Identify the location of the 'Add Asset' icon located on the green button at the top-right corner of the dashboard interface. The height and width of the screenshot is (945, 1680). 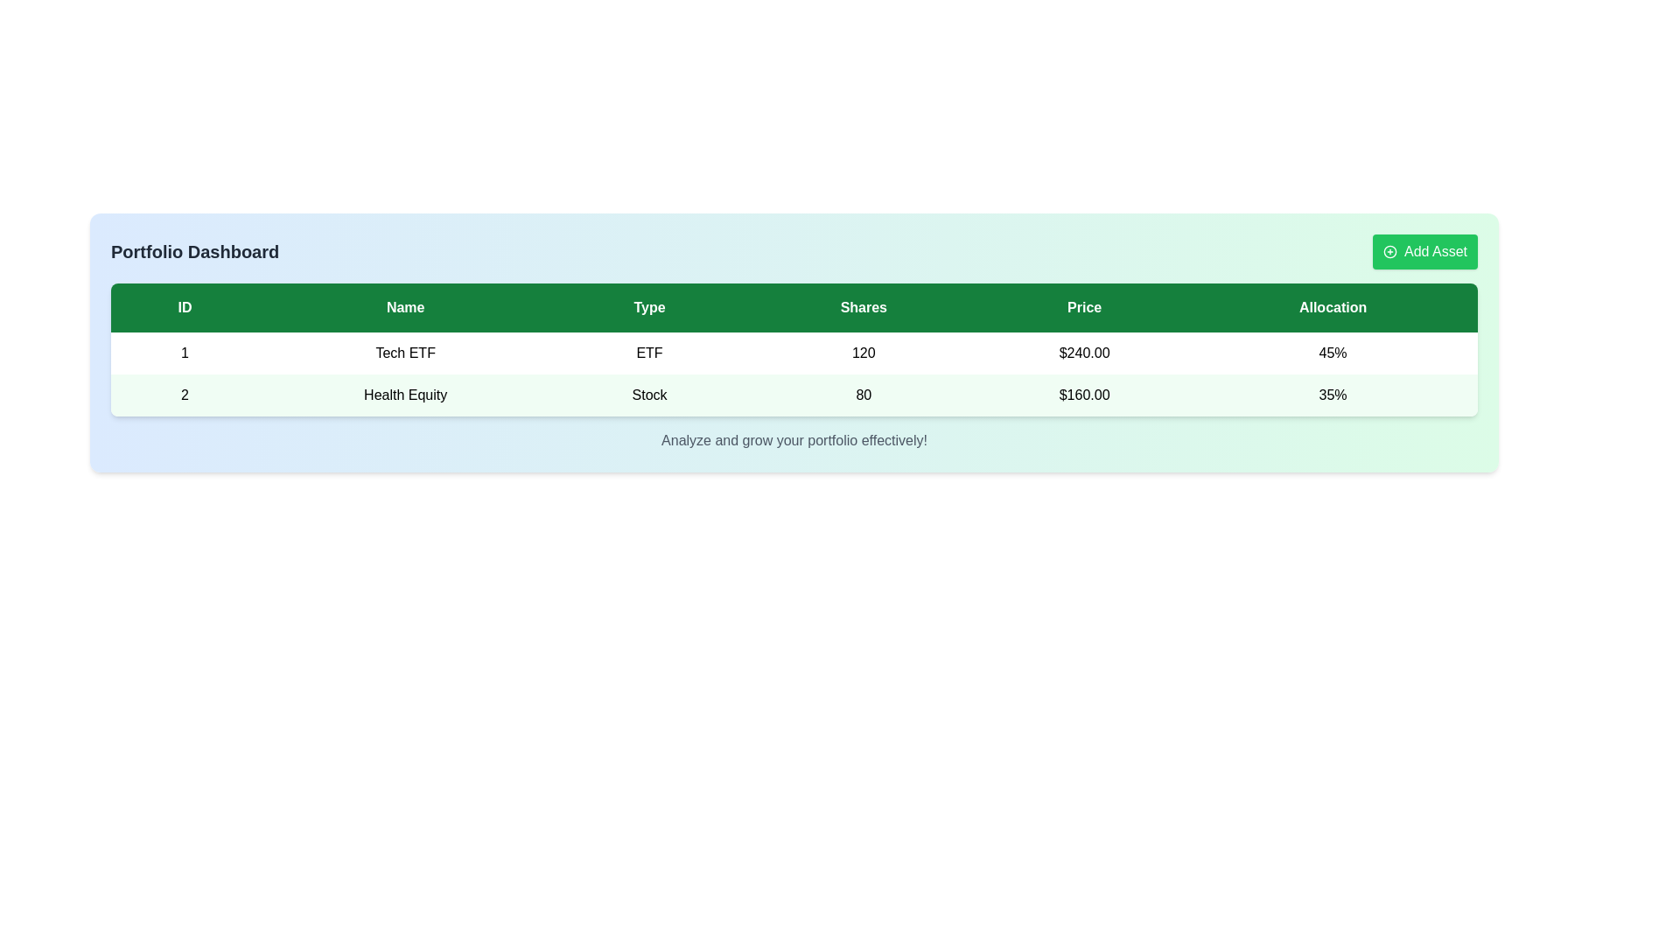
(1389, 252).